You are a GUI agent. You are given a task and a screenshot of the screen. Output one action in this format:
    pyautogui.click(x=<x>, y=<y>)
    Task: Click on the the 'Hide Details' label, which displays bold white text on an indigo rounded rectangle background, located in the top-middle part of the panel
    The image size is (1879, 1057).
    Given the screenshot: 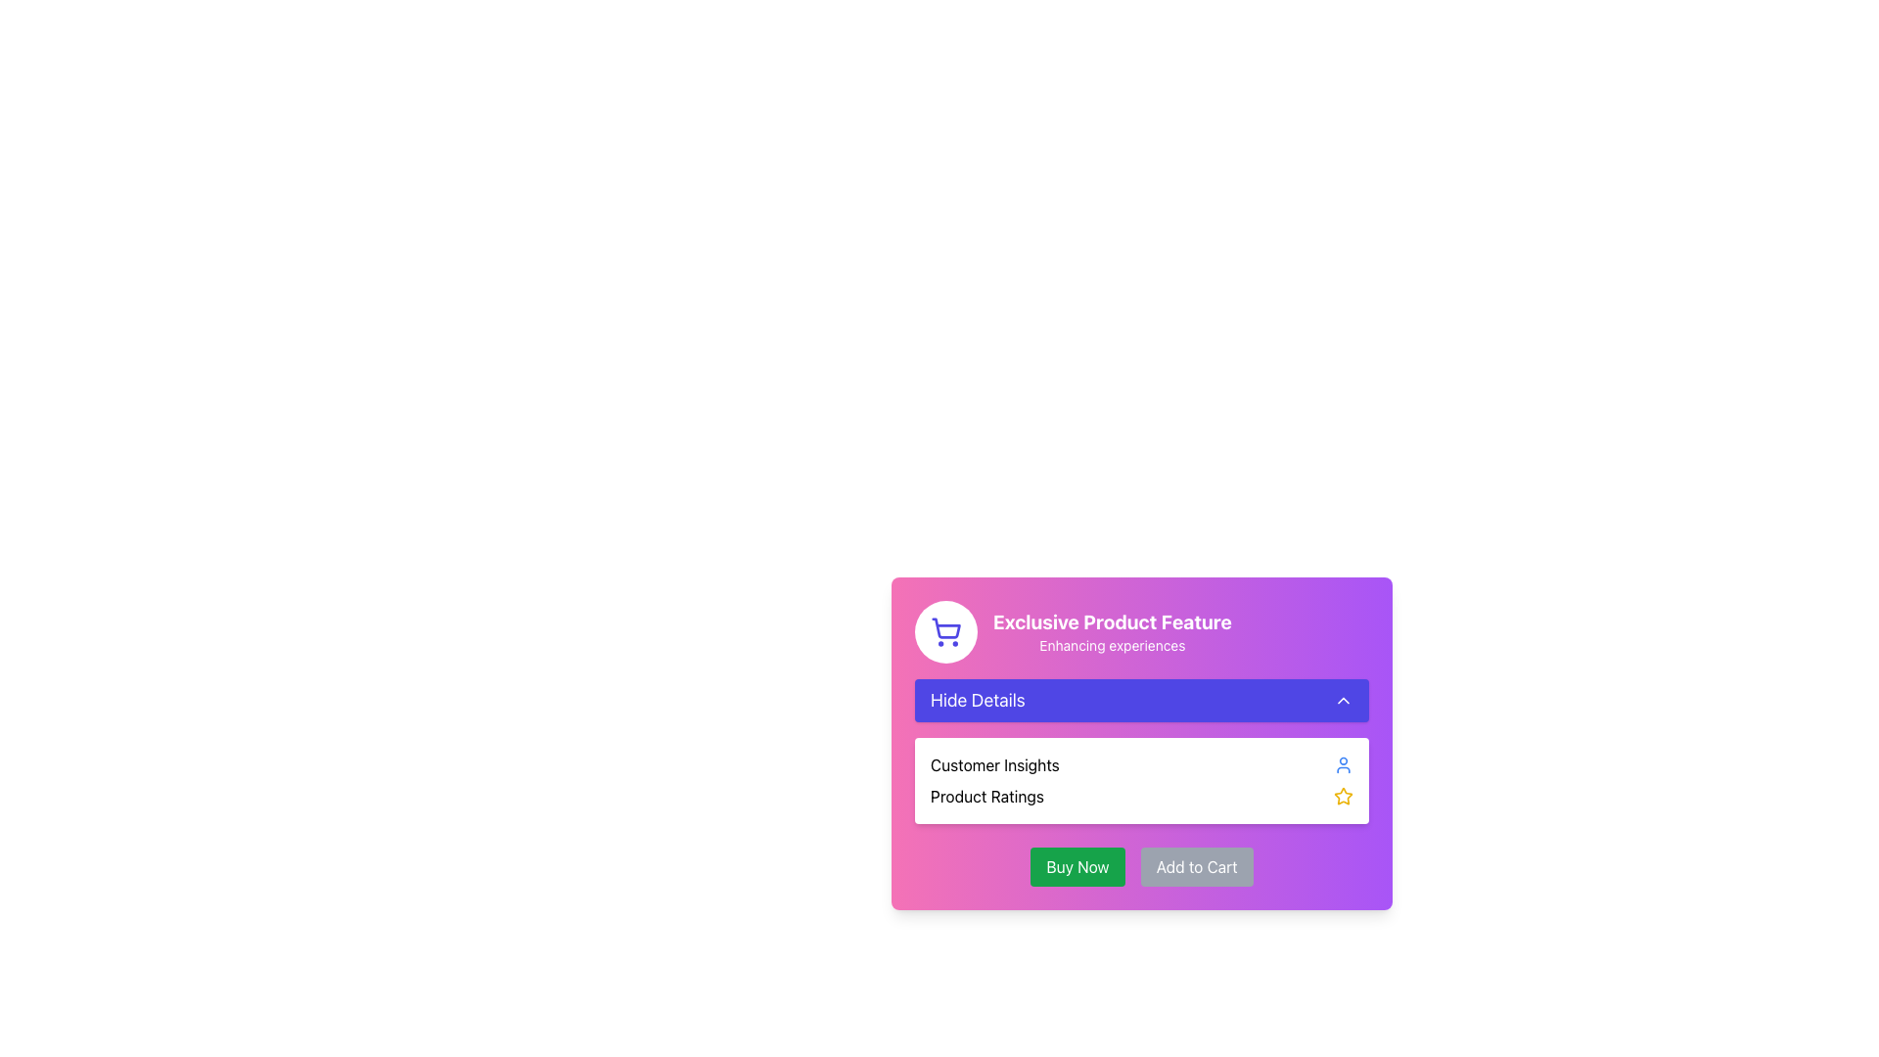 What is the action you would take?
    pyautogui.click(x=977, y=700)
    